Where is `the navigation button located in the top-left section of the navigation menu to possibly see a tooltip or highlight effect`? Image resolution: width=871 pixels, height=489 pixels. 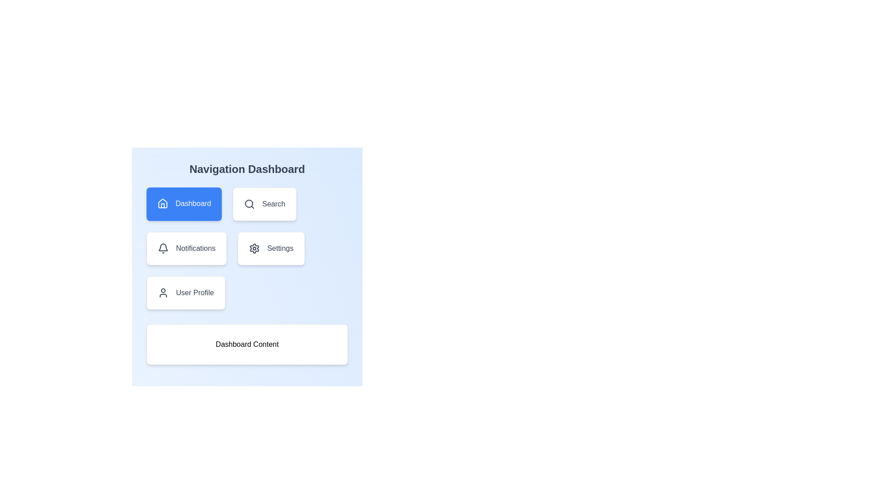
the navigation button located in the top-left section of the navigation menu to possibly see a tooltip or highlight effect is located at coordinates (184, 204).